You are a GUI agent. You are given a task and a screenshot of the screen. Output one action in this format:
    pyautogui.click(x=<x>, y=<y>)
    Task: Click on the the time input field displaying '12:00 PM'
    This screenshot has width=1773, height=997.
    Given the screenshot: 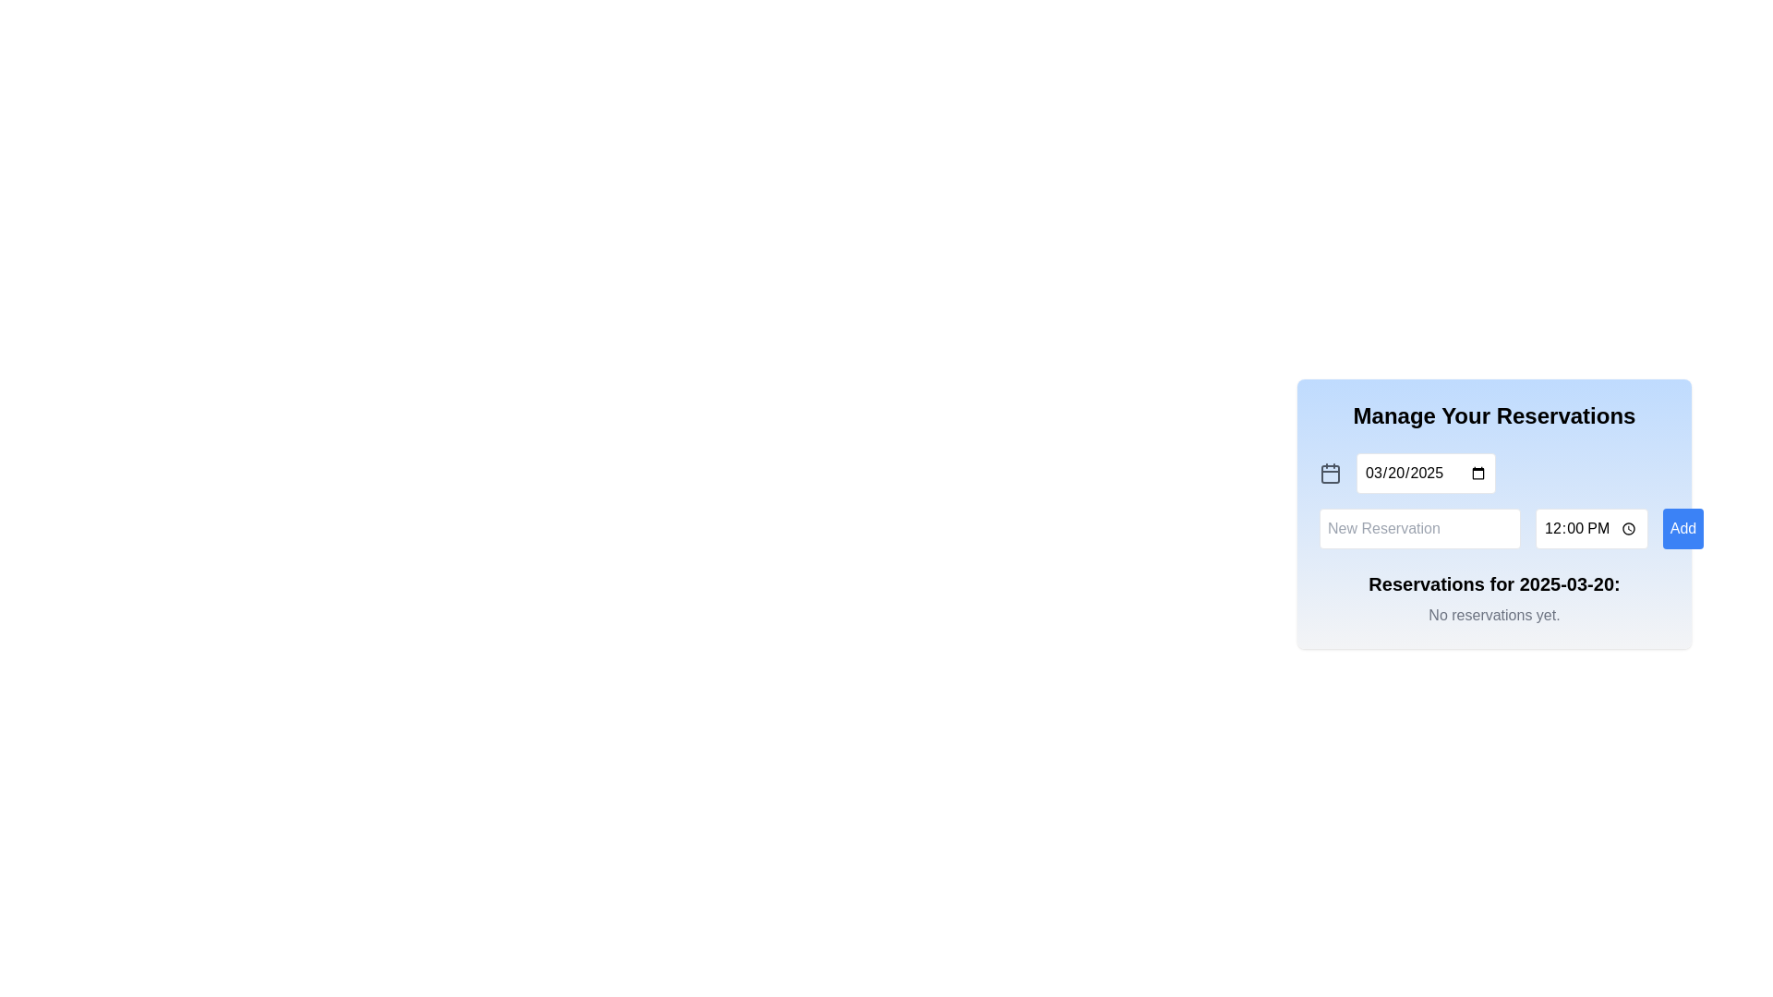 What is the action you would take?
    pyautogui.click(x=1590, y=529)
    